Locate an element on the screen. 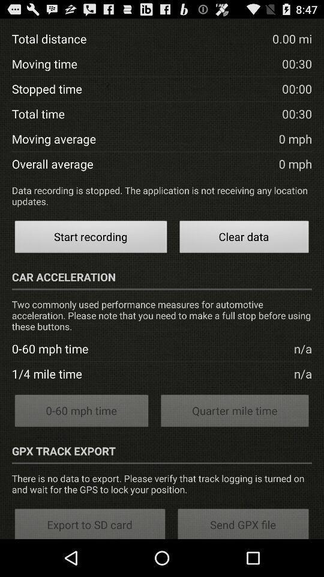  the icon next to clear data is located at coordinates (90, 238).